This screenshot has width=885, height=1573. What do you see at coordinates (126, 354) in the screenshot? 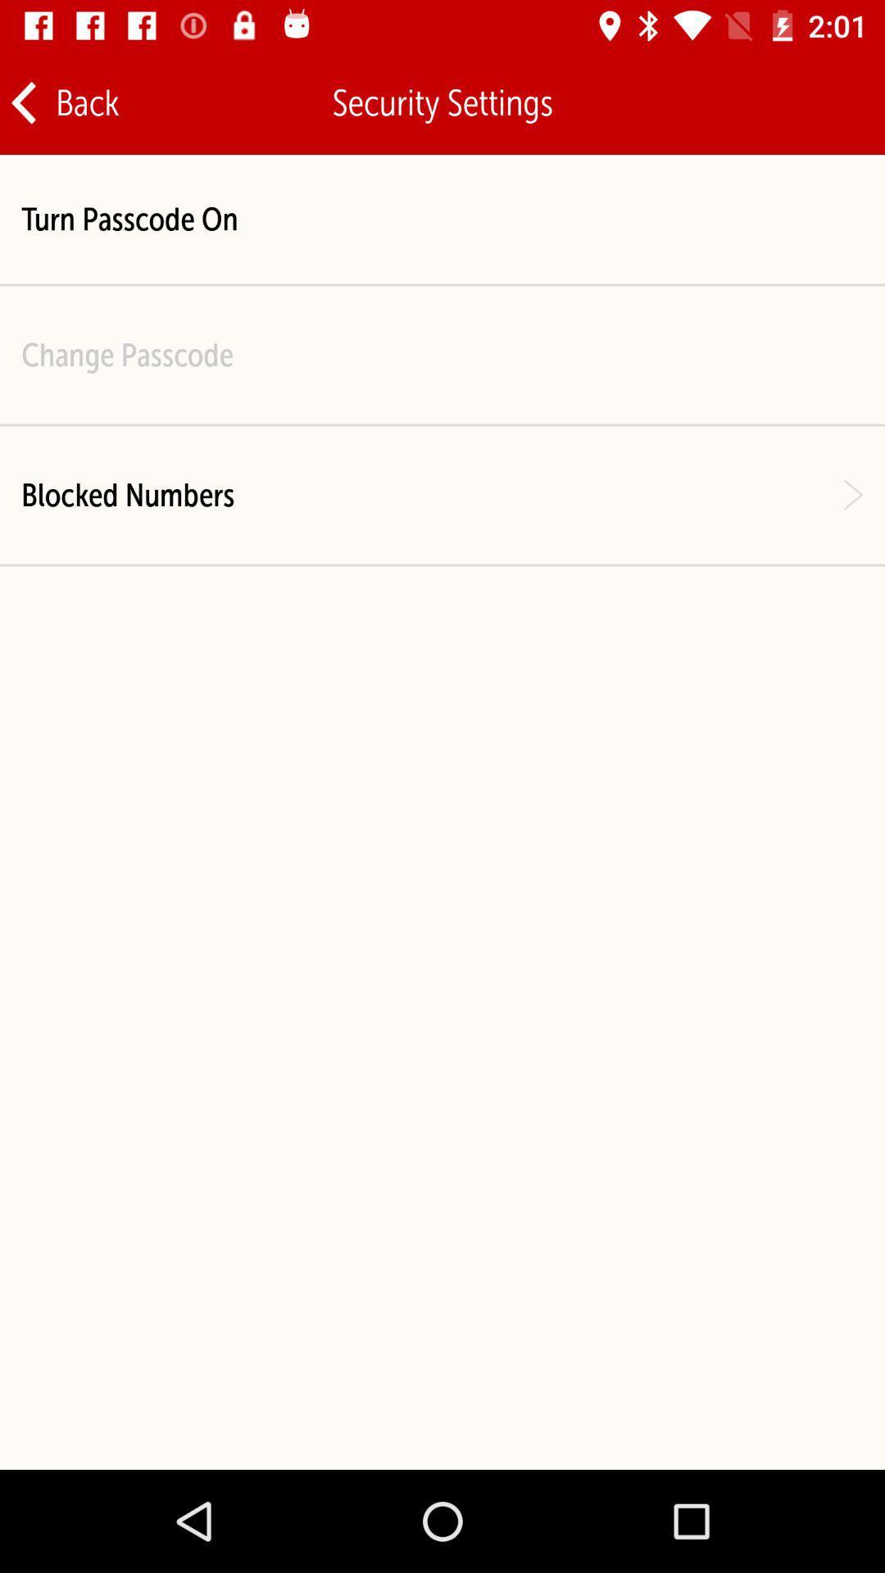
I see `the item above the blocked numbers` at bounding box center [126, 354].